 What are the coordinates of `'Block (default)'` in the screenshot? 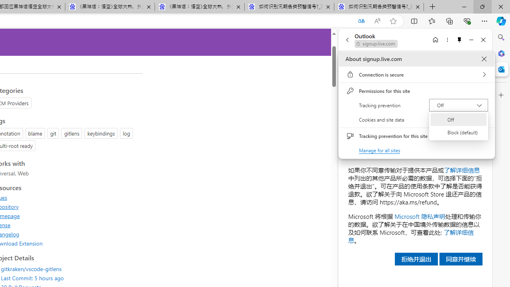 It's located at (459, 132).